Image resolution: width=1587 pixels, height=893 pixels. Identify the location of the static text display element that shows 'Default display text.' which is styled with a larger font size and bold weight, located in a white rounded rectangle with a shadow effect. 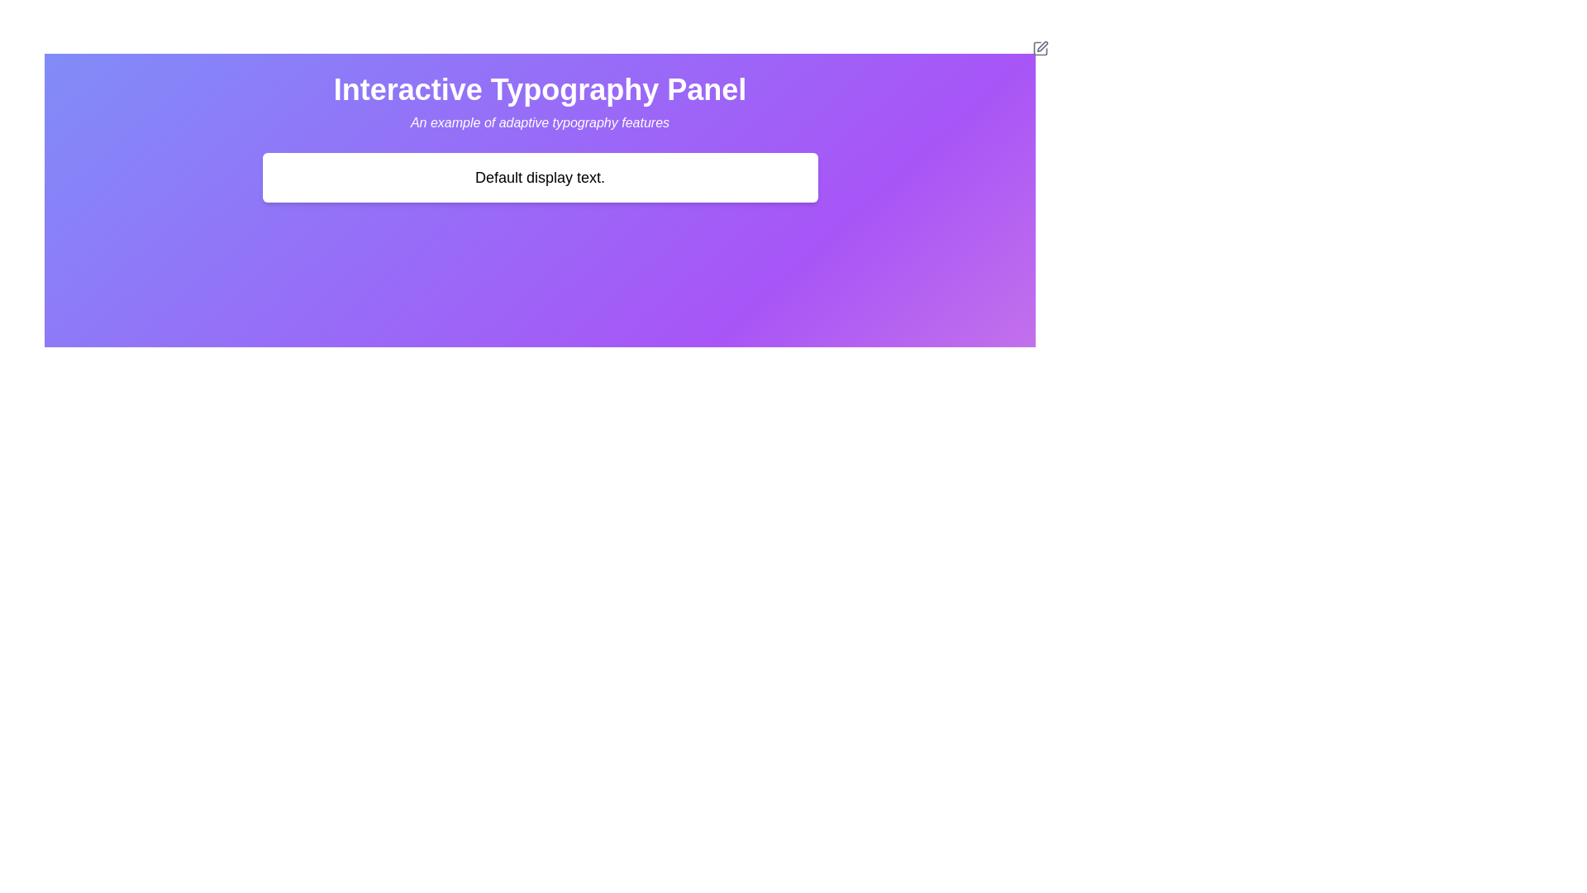
(540, 178).